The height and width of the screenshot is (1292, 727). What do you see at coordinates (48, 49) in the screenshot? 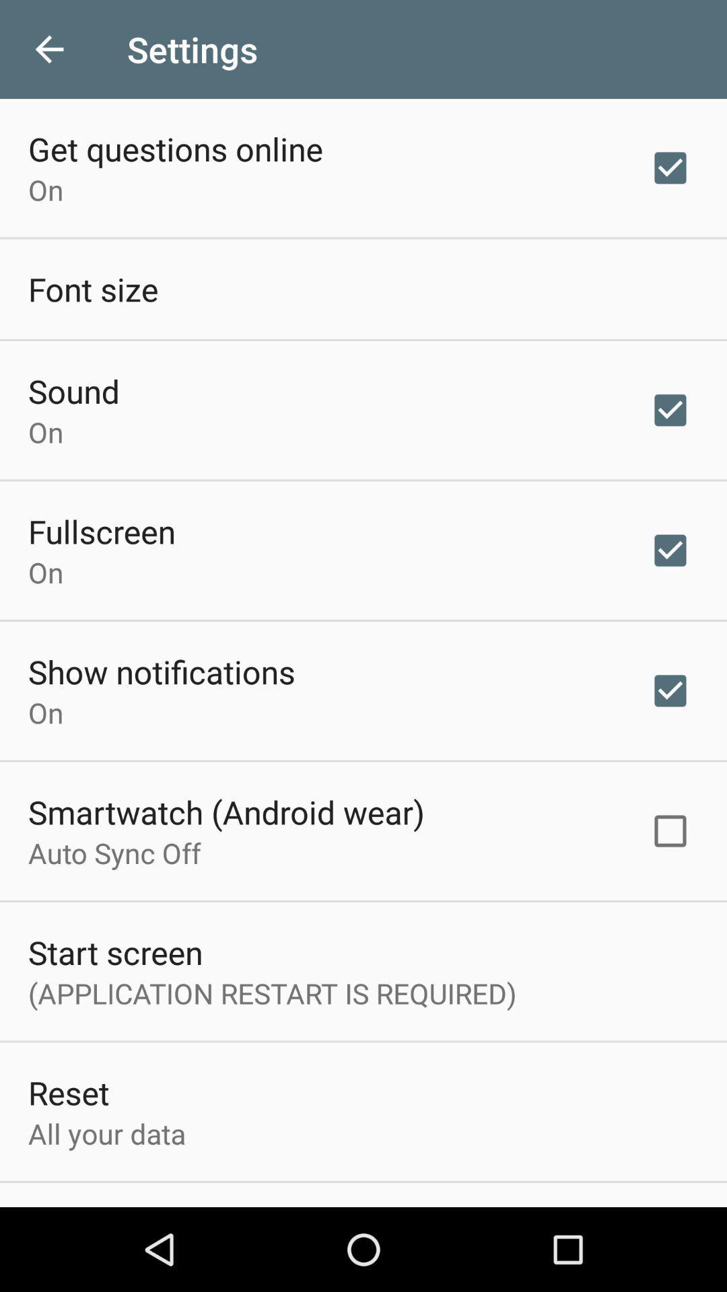
I see `icon above get questions online` at bounding box center [48, 49].